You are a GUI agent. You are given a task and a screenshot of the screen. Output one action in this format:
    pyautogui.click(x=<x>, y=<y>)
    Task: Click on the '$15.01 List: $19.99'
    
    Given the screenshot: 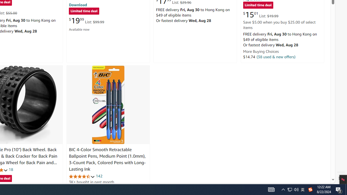 What is the action you would take?
    pyautogui.click(x=261, y=14)
    